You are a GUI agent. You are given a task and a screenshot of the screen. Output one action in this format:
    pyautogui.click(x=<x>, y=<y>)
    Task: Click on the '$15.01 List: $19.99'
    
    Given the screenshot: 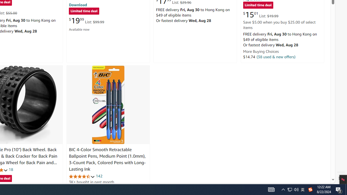 What is the action you would take?
    pyautogui.click(x=261, y=14)
    